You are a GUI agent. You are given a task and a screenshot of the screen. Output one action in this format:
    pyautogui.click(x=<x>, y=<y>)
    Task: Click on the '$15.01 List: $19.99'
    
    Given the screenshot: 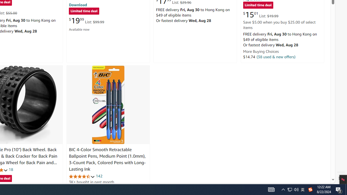 What is the action you would take?
    pyautogui.click(x=261, y=14)
    